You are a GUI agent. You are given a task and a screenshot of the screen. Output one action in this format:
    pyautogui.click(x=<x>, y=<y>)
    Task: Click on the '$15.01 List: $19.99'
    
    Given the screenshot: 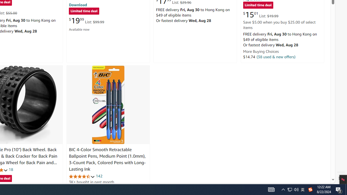 What is the action you would take?
    pyautogui.click(x=261, y=14)
    